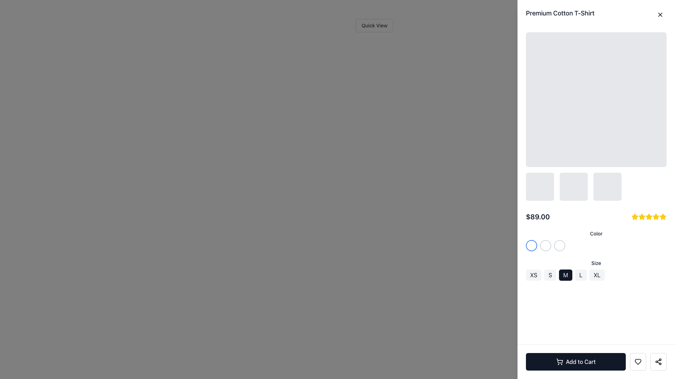 This screenshot has width=675, height=379. I want to click on the fourth star in the five-star rating system located on the right side of the product details section, which visually represents the fourth level of the rating, so click(649, 216).